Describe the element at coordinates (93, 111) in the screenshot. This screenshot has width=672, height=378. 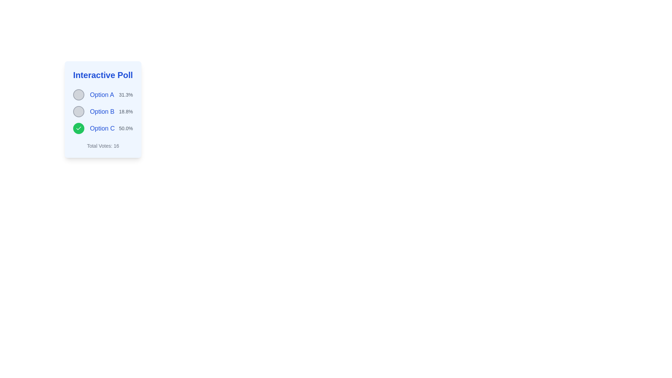
I see `the selectable option labeled 'Option B' in the 'Interactive Poll' component, which is the second item in the vertical list of options` at that location.